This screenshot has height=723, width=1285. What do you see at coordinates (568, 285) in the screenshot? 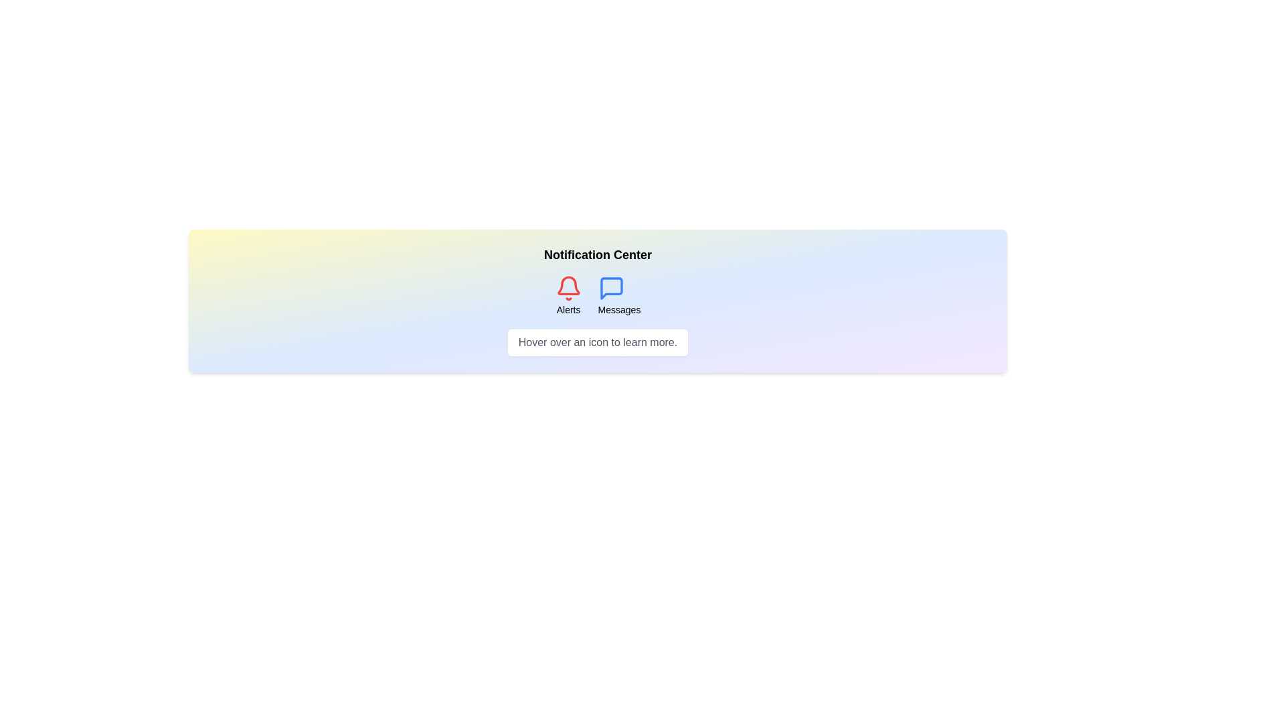
I see `the bell icon in the Notification Center to trigger a visual or textual response` at bounding box center [568, 285].